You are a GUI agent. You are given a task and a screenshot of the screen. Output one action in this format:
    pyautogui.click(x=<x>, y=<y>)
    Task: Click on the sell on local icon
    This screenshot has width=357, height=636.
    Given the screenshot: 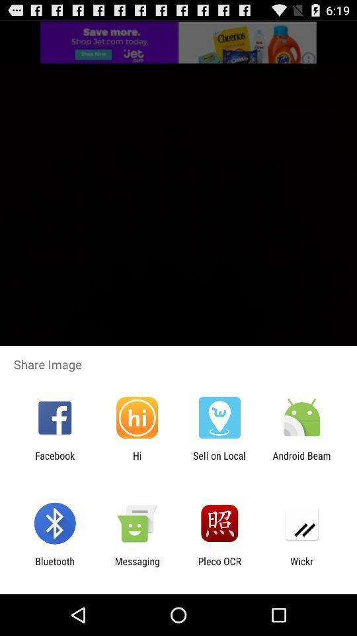 What is the action you would take?
    pyautogui.click(x=219, y=461)
    